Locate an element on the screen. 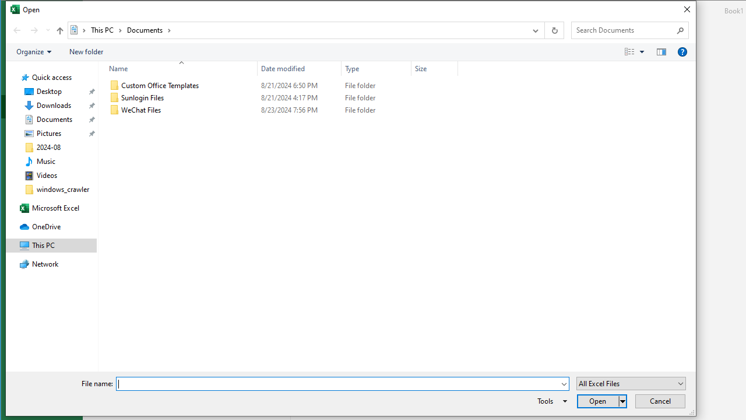 Image resolution: width=746 pixels, height=420 pixels. 'Open' is located at coordinates (601, 401).